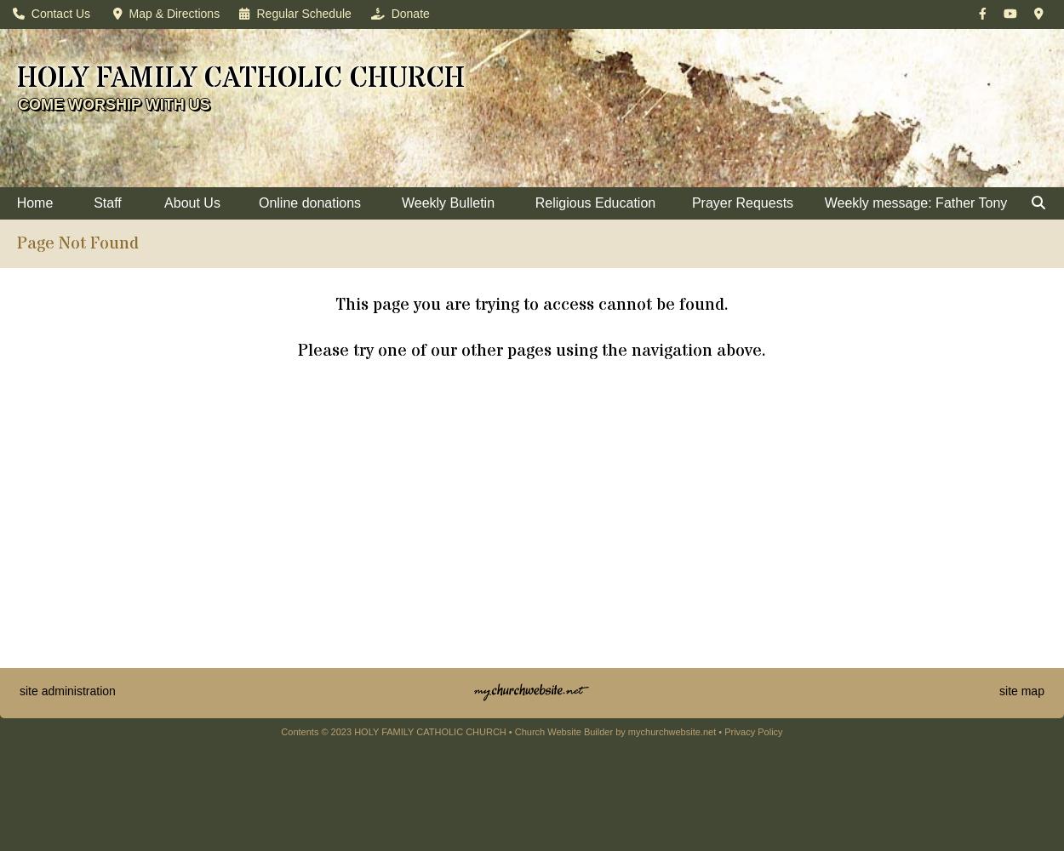 The width and height of the screenshot is (1064, 851). Describe the element at coordinates (17, 77) in the screenshot. I see `'HOLY FAMILY CATHOLIC CHURCH'` at that location.